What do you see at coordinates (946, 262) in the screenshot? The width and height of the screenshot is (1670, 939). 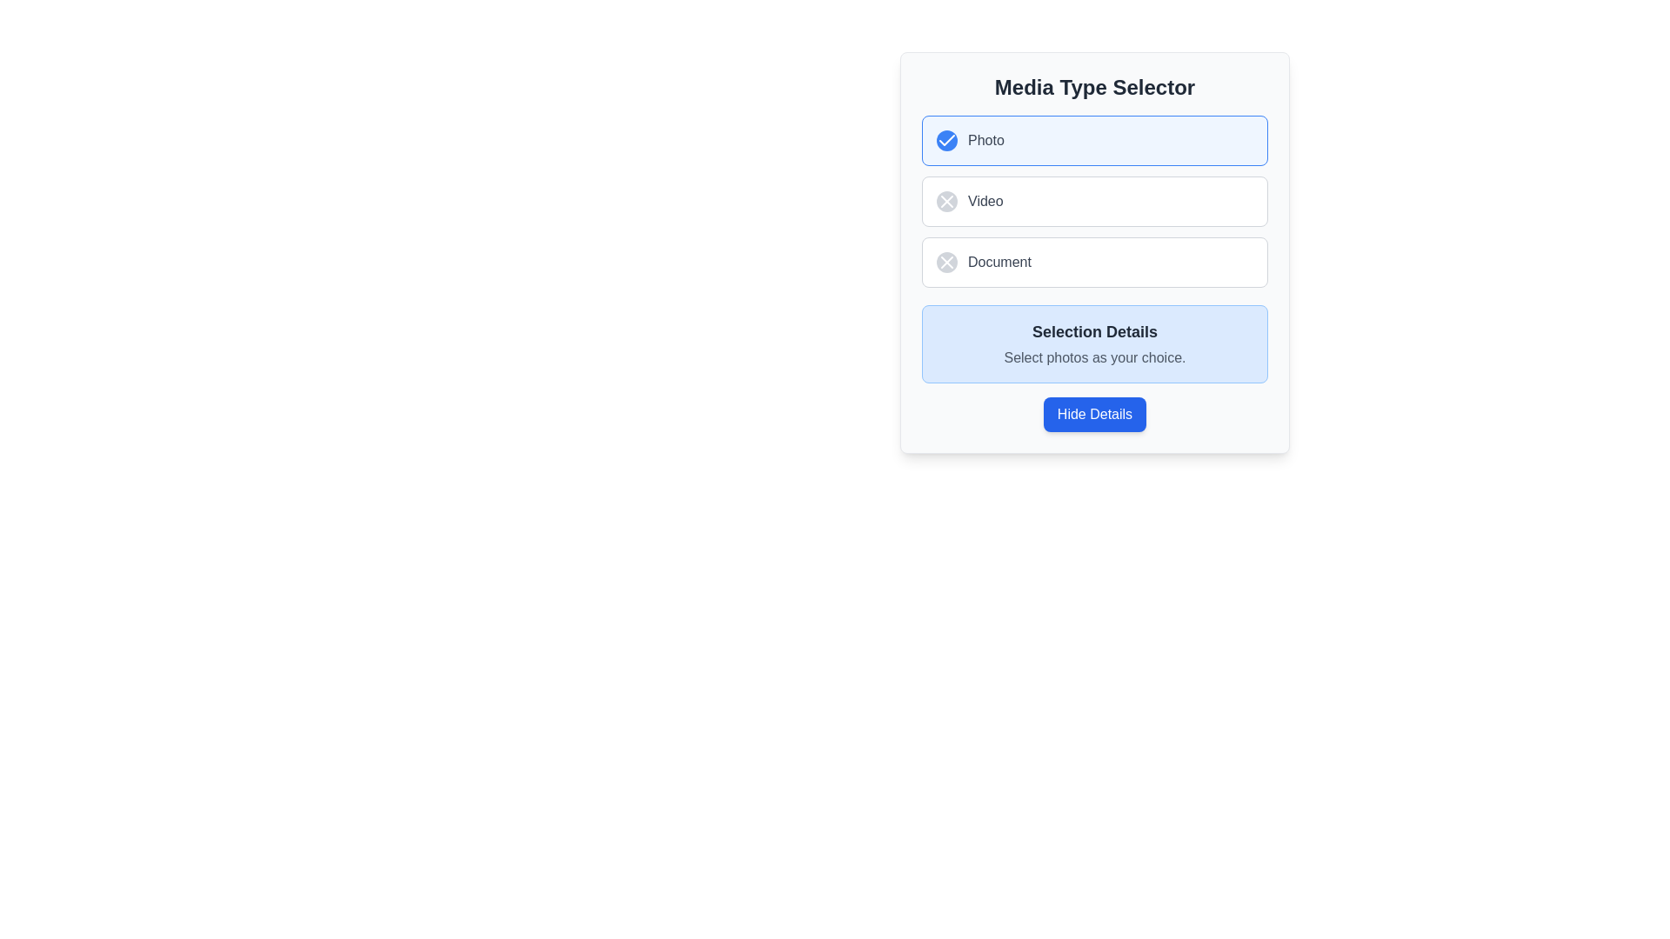 I see `the unselected state indicator for the 'Document' radio option, which is located in the top-left corner of the option, to the left of the text label 'Document'` at bounding box center [946, 262].